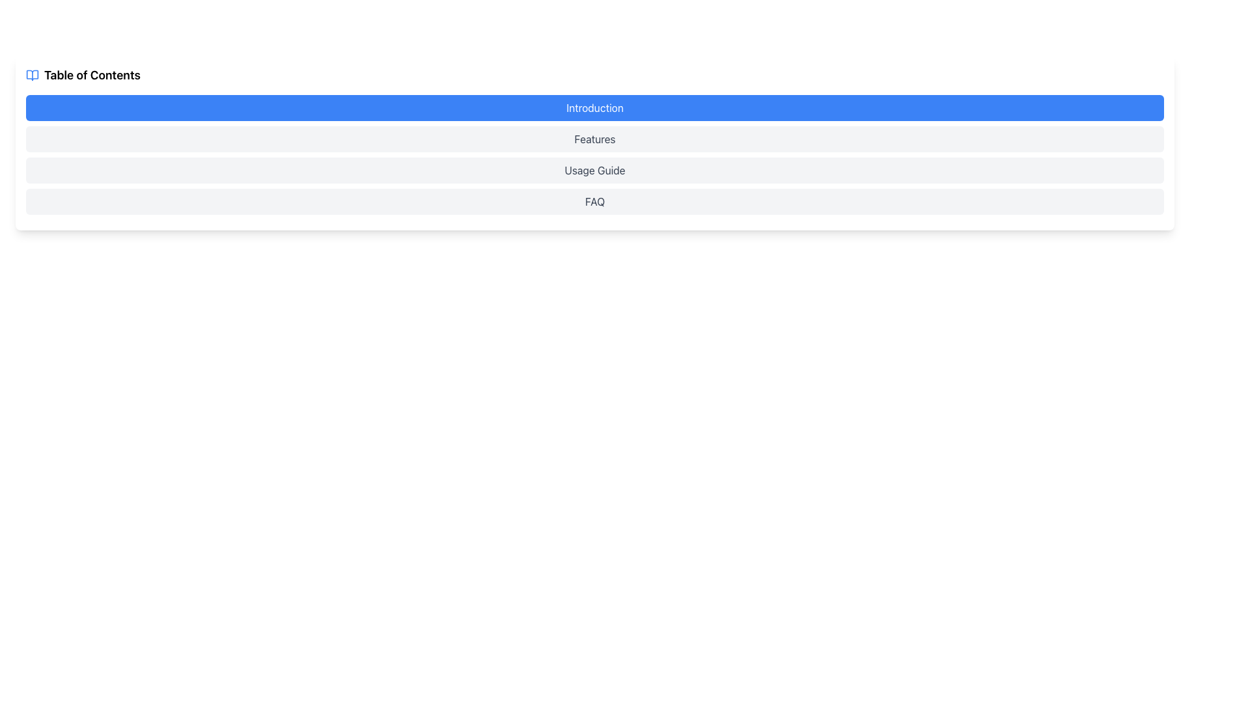 The height and width of the screenshot is (703, 1250). I want to click on the 'Features' text component in the vertical menu of the table of contents, so click(594, 139).